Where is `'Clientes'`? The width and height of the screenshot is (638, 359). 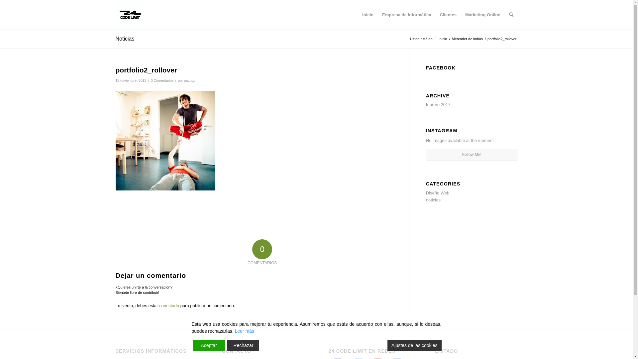 'Clientes' is located at coordinates (448, 15).